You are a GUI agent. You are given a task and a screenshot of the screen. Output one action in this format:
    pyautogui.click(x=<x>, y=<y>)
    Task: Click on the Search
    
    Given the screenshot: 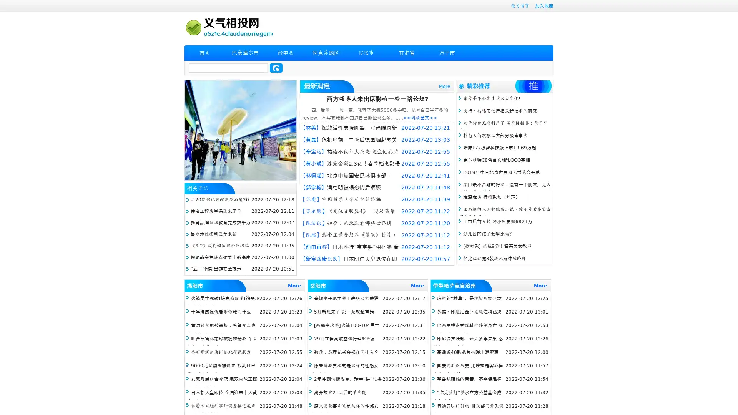 What is the action you would take?
    pyautogui.click(x=276, y=68)
    